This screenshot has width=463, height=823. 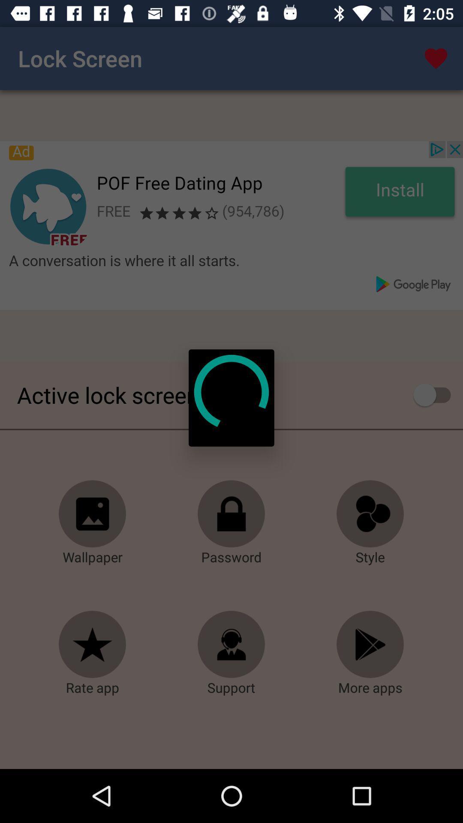 What do you see at coordinates (93, 644) in the screenshot?
I see `the star icon` at bounding box center [93, 644].